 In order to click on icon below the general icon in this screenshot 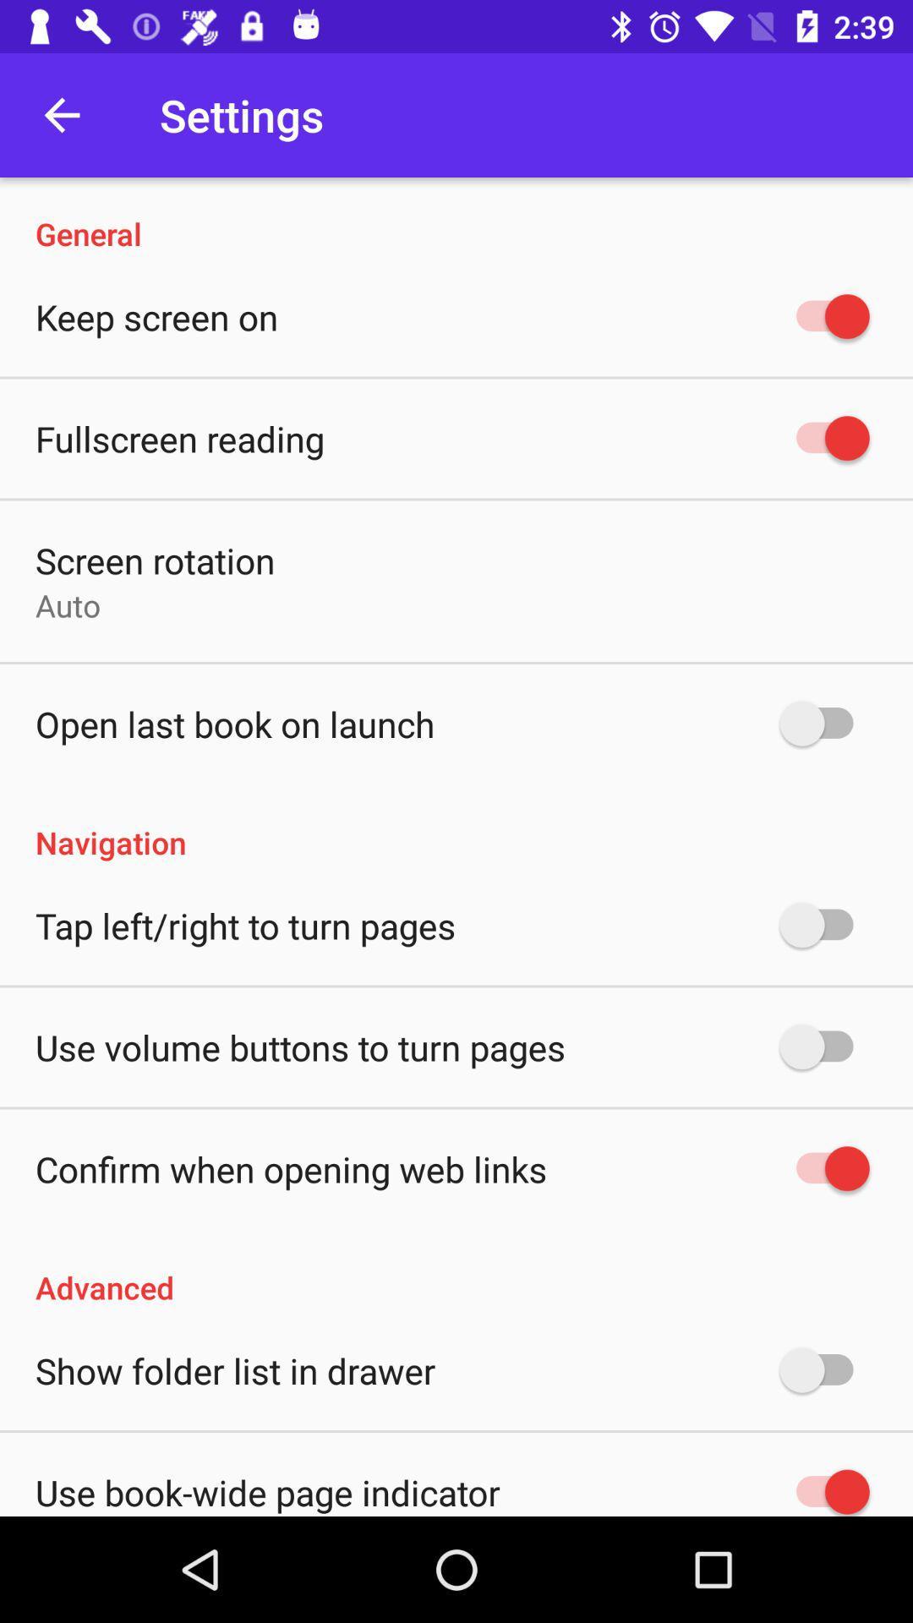, I will do `click(156, 316)`.